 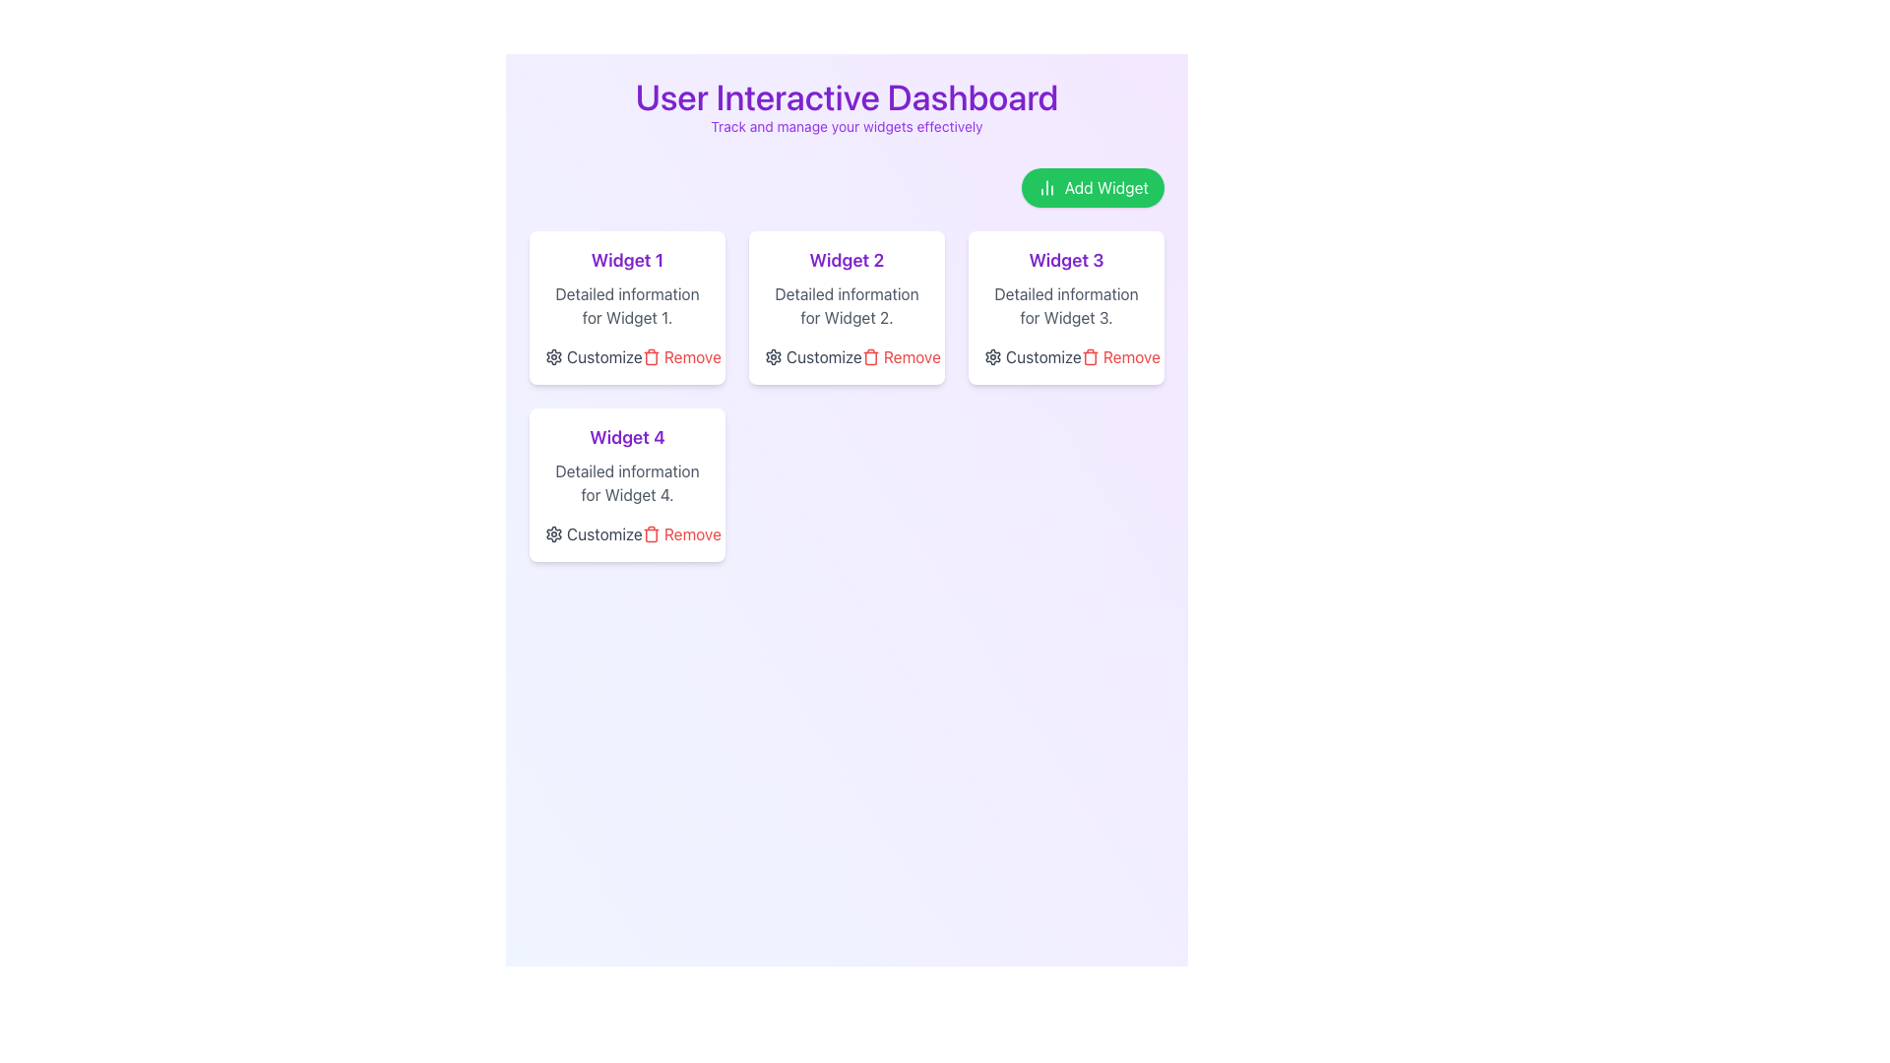 What do you see at coordinates (552, 356) in the screenshot?
I see `the gear icon in the top-left portion of 'Widget 1'` at bounding box center [552, 356].